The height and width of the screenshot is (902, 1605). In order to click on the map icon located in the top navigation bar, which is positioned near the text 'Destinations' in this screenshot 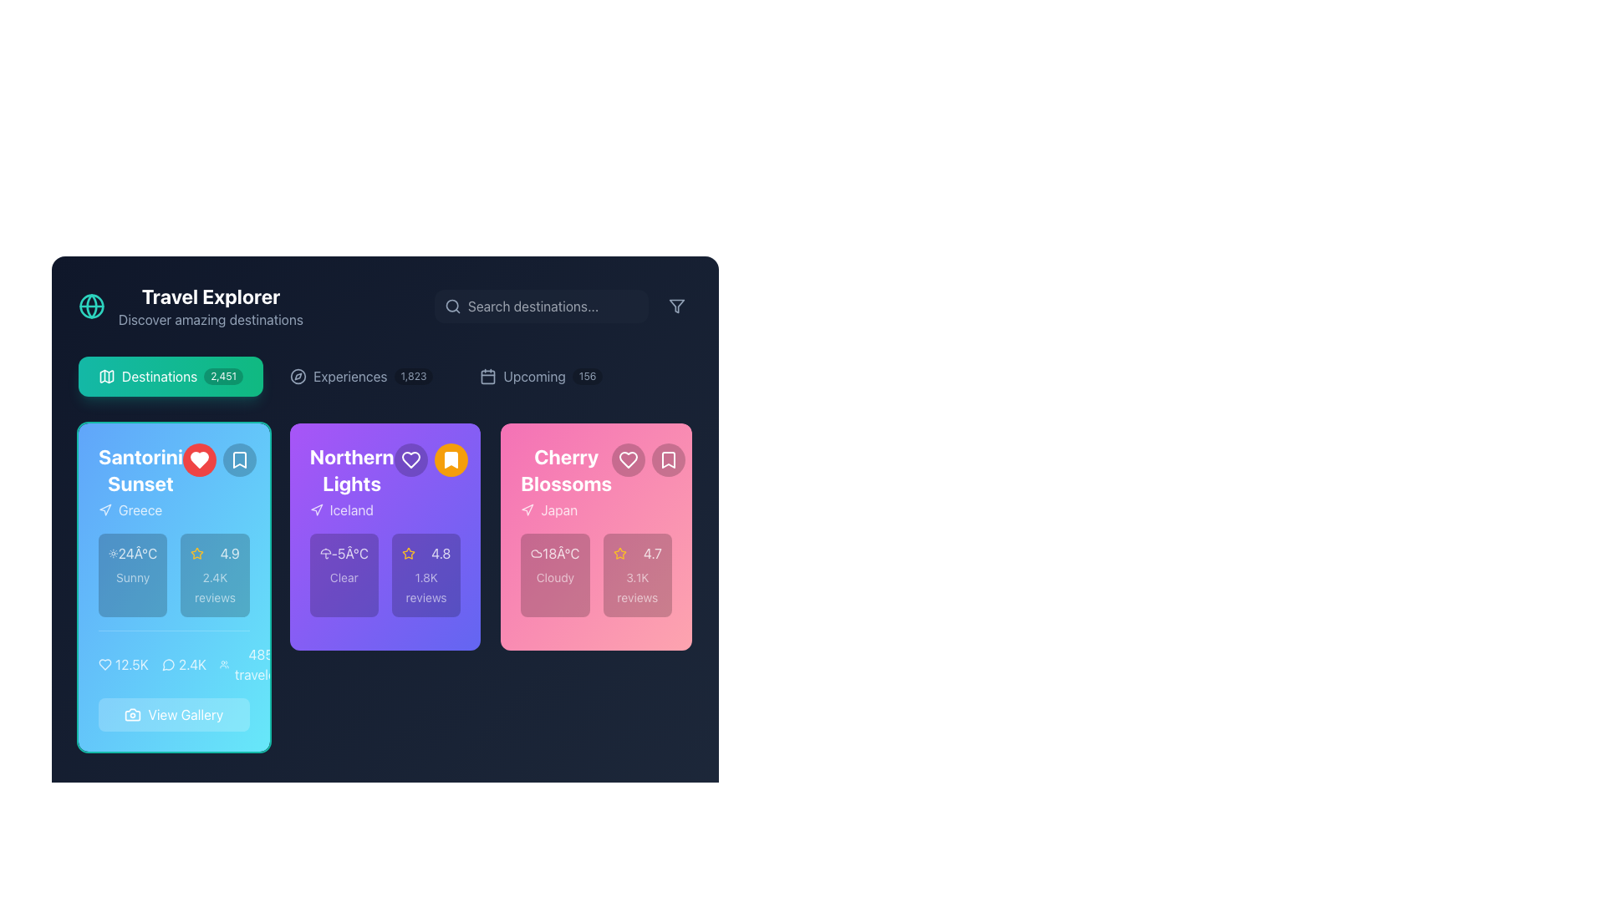, I will do `click(106, 377)`.